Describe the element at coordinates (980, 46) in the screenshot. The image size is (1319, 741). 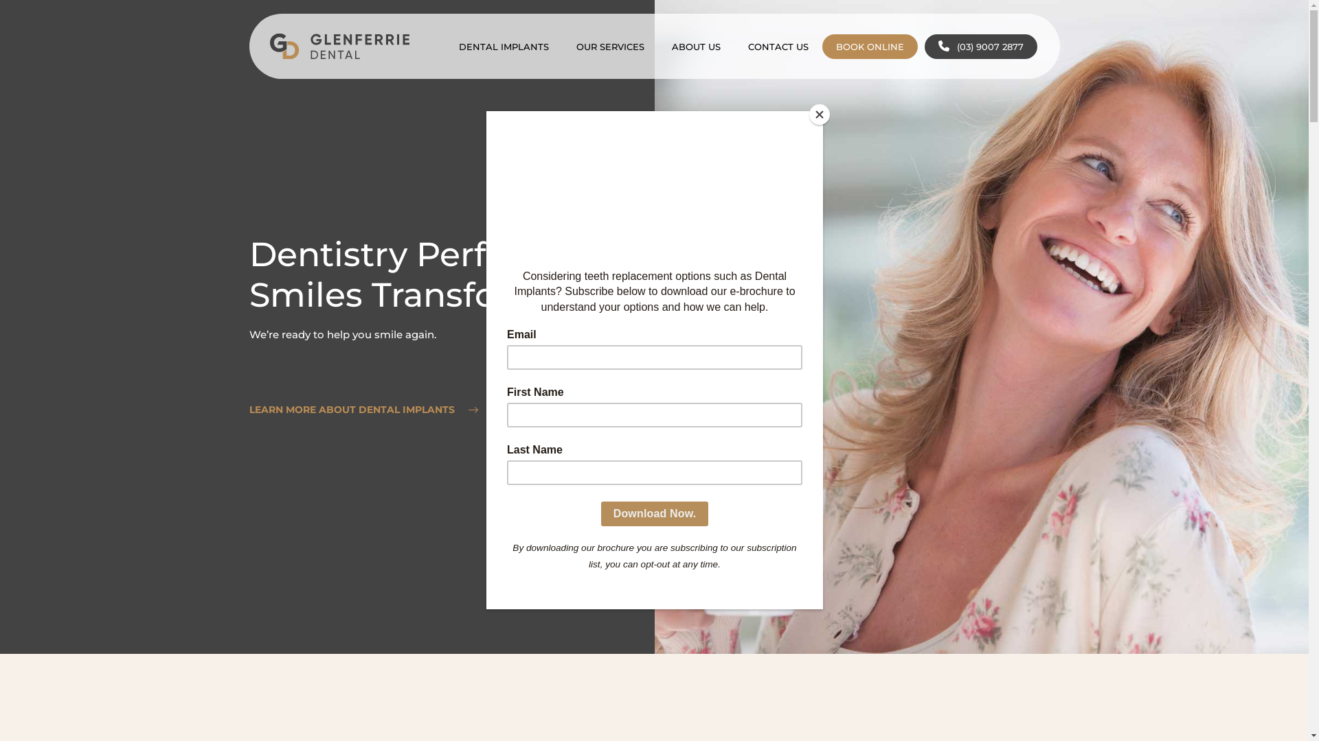
I see `'(03) 9007 2877'` at that location.